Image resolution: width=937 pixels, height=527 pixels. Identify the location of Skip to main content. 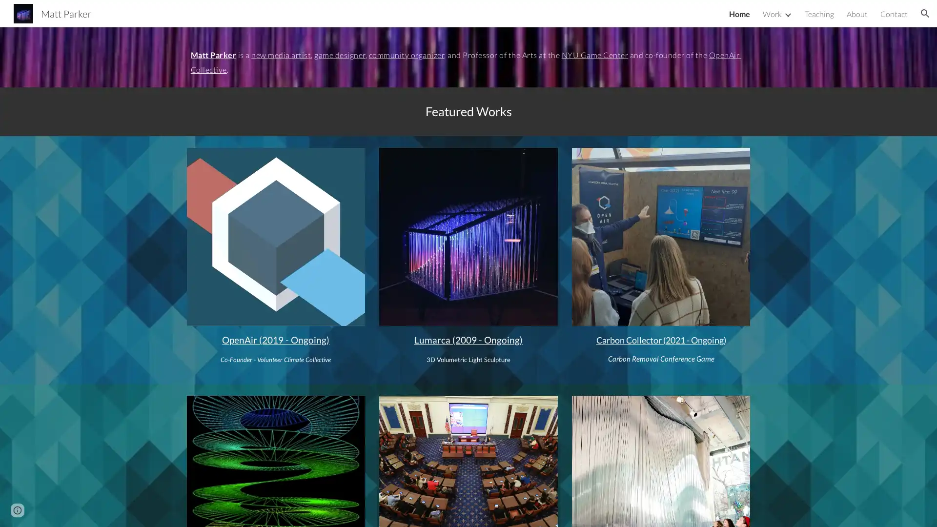
(384, 18).